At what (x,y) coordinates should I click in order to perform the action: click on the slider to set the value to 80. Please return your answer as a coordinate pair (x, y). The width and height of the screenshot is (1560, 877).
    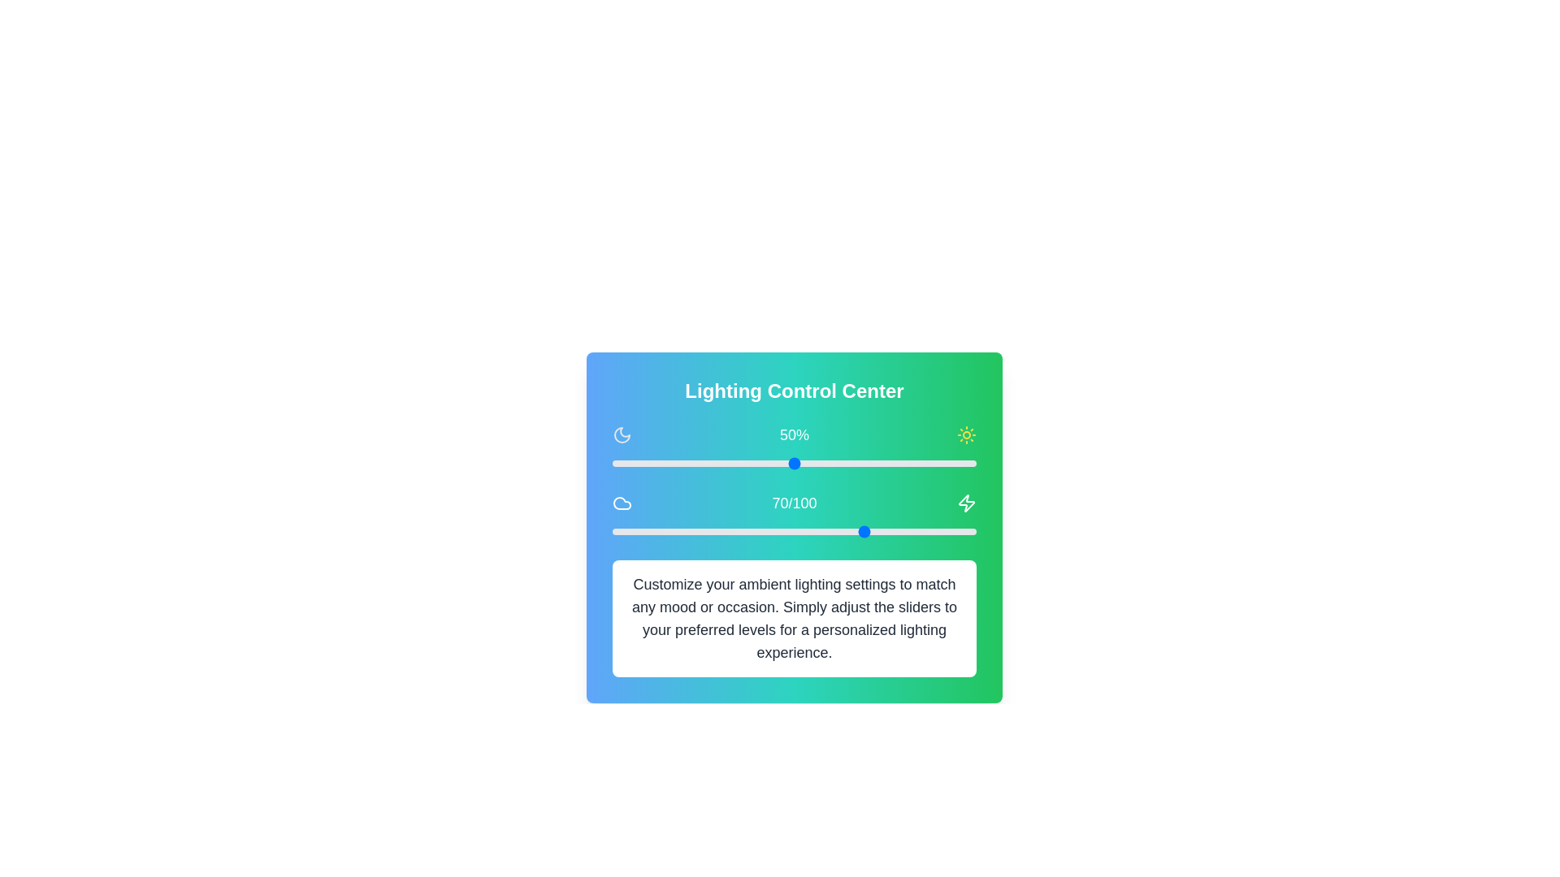
    Looking at the image, I should click on (903, 463).